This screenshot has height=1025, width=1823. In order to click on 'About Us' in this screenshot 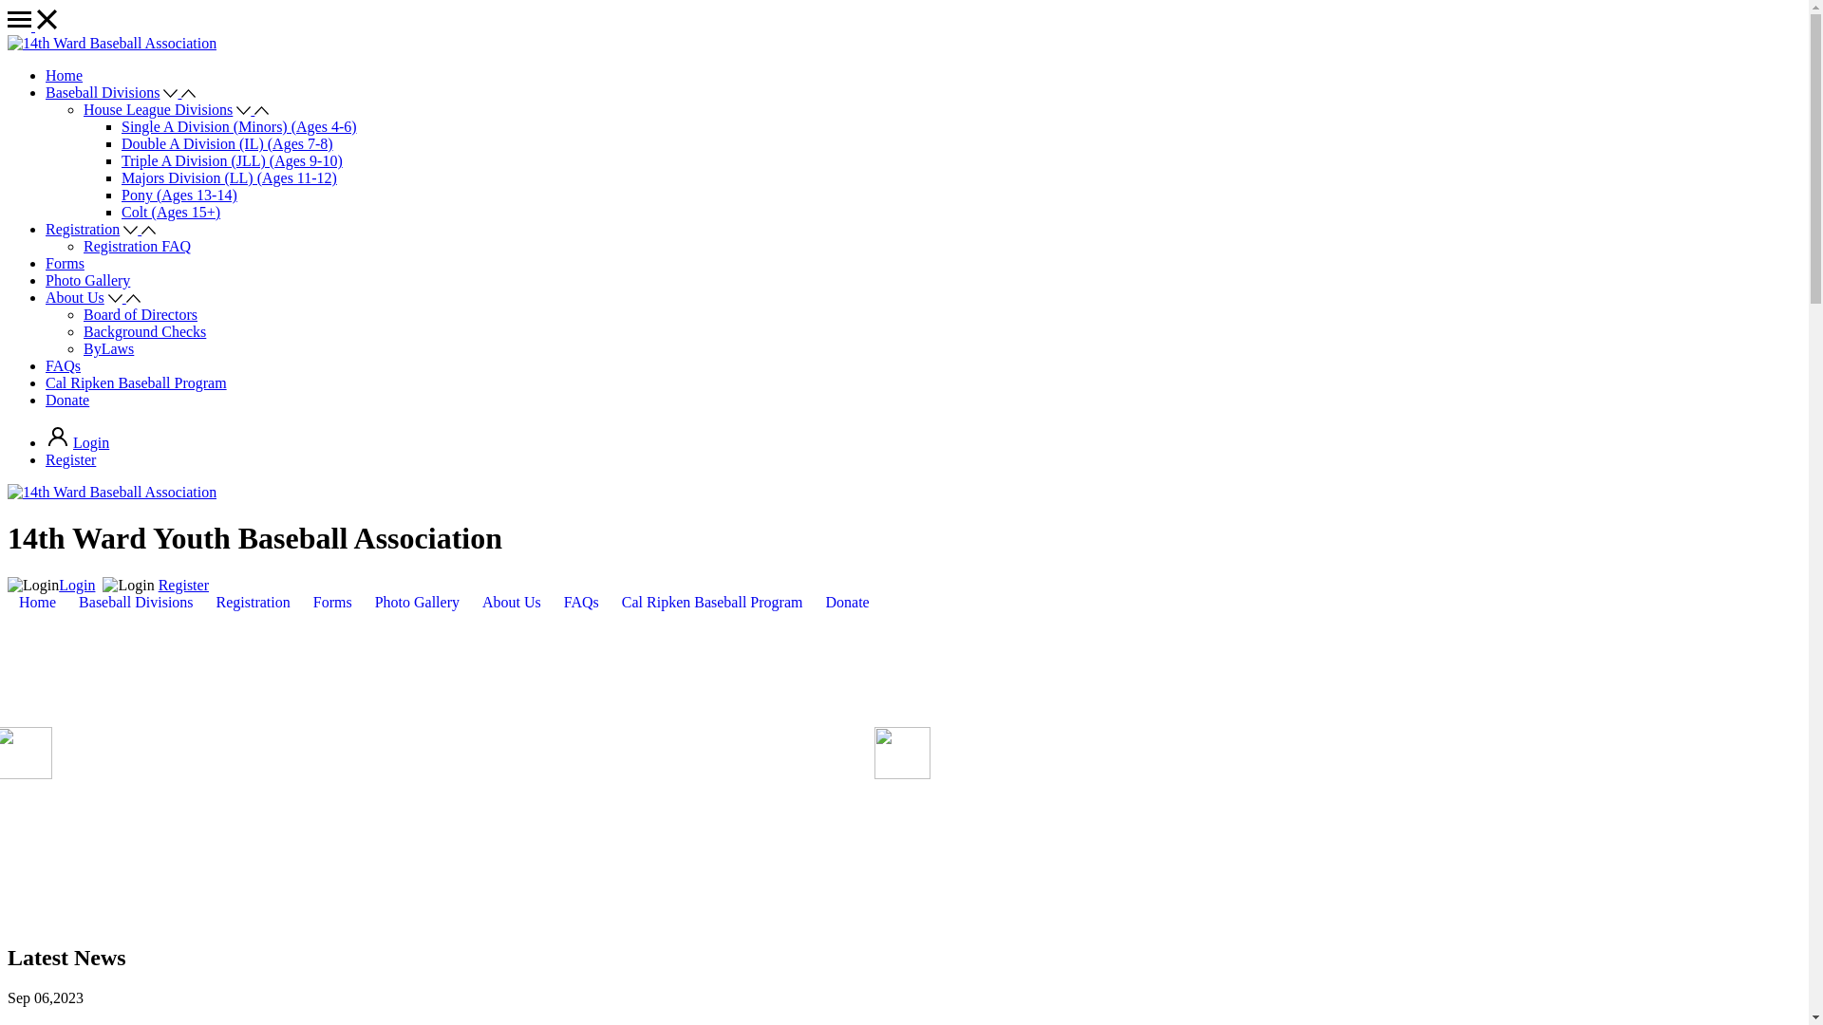, I will do `click(74, 297)`.